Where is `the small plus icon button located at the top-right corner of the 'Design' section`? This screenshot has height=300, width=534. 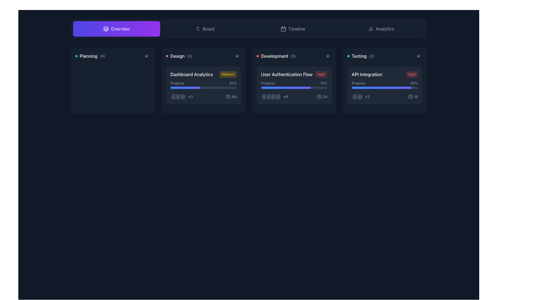
the small plus icon button located at the top-right corner of the 'Design' section is located at coordinates (237, 56).